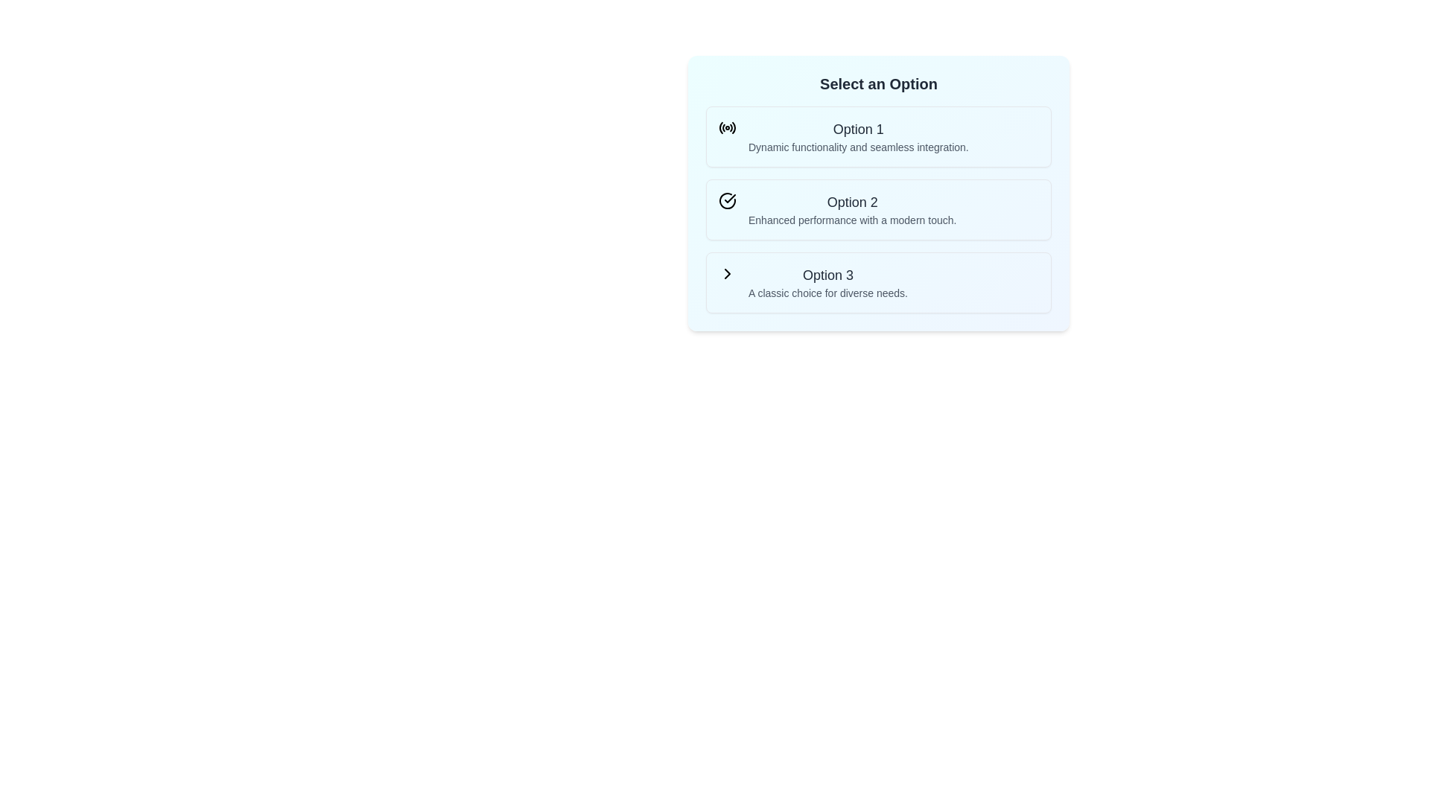 The width and height of the screenshot is (1430, 804). What do you see at coordinates (879, 192) in the screenshot?
I see `the selectable option labeled 'Option 2'` at bounding box center [879, 192].